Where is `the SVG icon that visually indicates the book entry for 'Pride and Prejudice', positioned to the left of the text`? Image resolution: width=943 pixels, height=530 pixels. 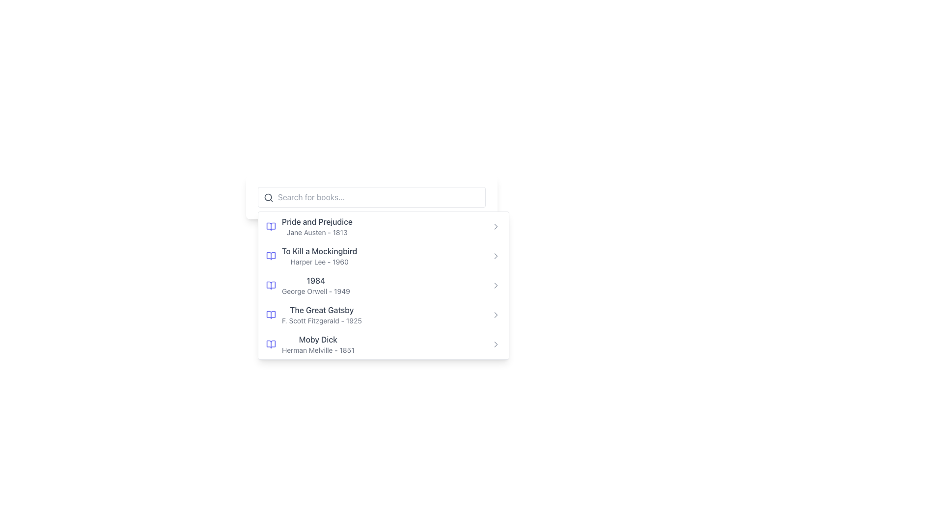
the SVG icon that visually indicates the book entry for 'Pride and Prejudice', positioned to the left of the text is located at coordinates (271, 227).